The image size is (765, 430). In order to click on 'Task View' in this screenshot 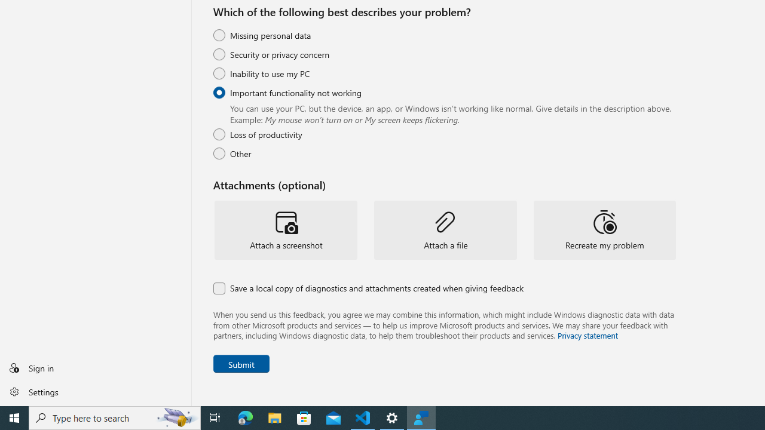, I will do `click(215, 417)`.